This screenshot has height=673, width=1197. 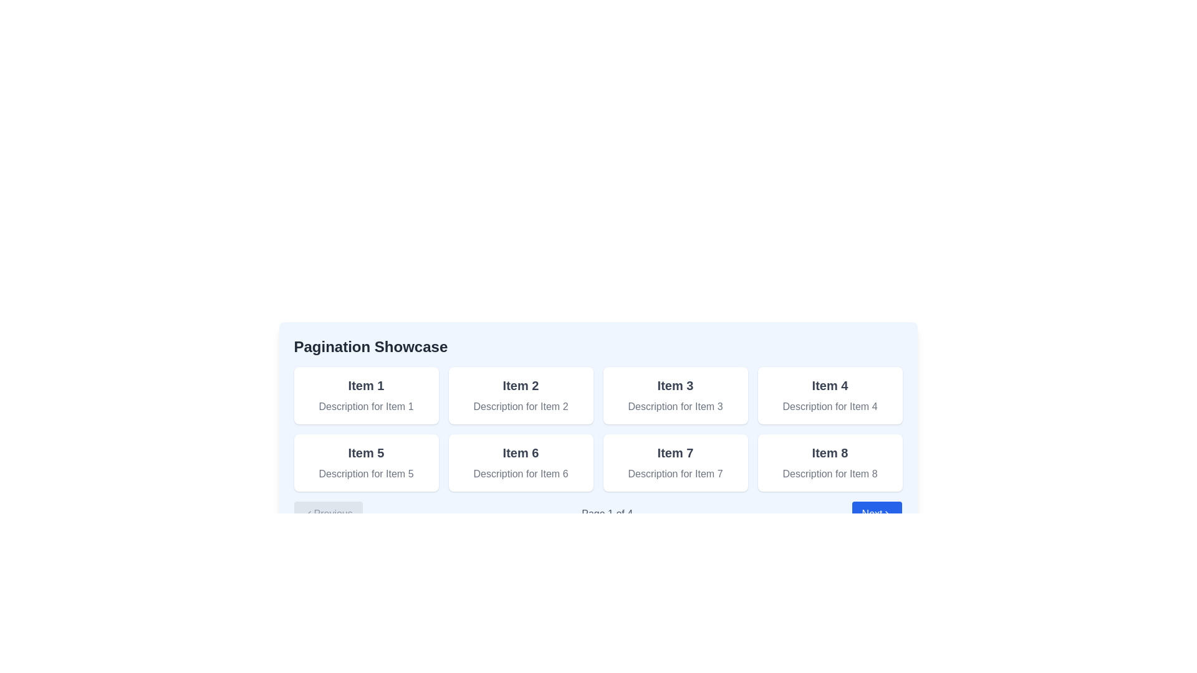 What do you see at coordinates (675, 396) in the screenshot?
I see `the third card in the first row of the grid, which displays a title and description, located directly to the right of the card labeled 'Item 2'` at bounding box center [675, 396].